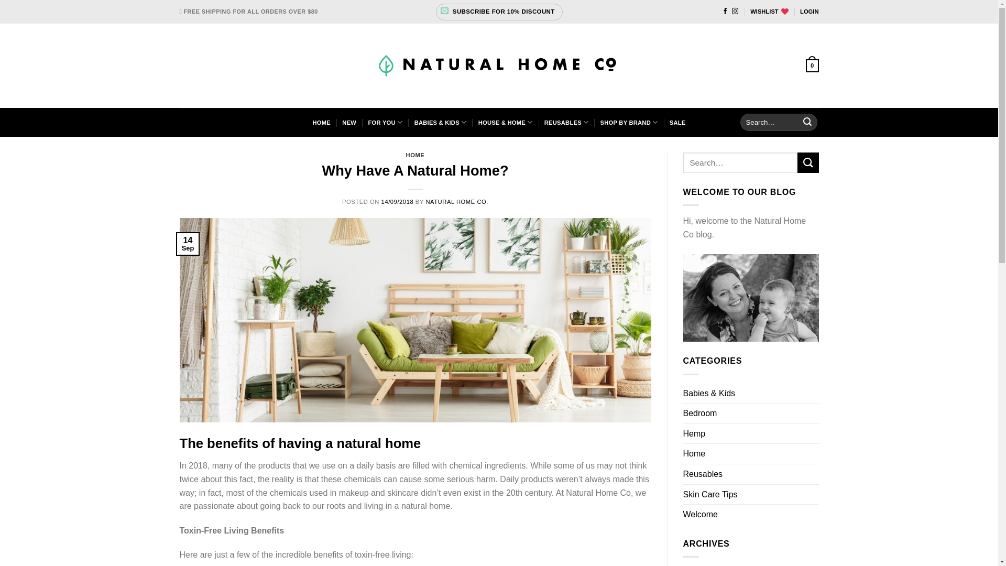 The height and width of the screenshot is (566, 1006). I want to click on 'HOME', so click(414, 155).